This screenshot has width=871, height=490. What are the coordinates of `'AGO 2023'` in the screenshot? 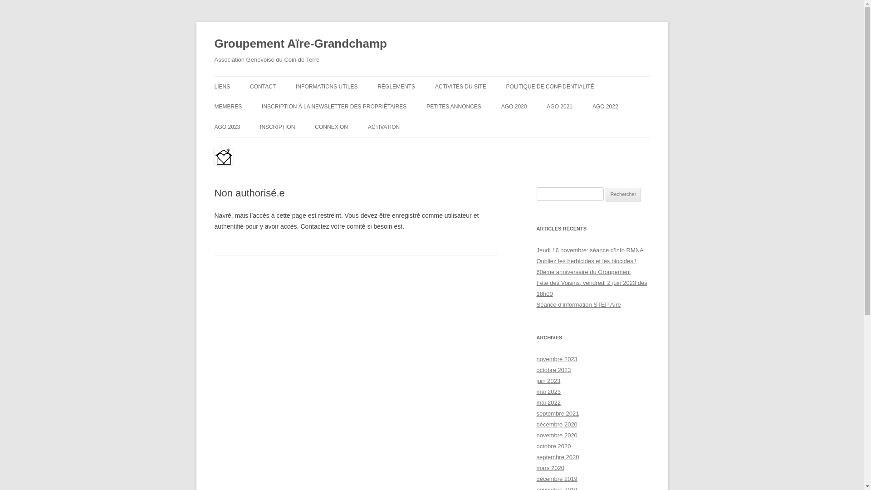 It's located at (227, 127).